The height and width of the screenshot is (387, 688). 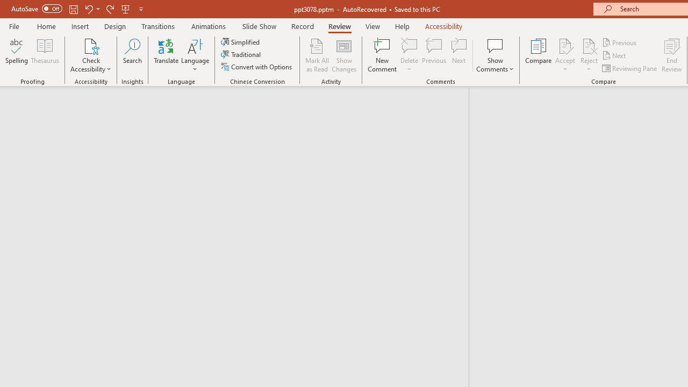 What do you see at coordinates (494, 55) in the screenshot?
I see `'Show Comments'` at bounding box center [494, 55].